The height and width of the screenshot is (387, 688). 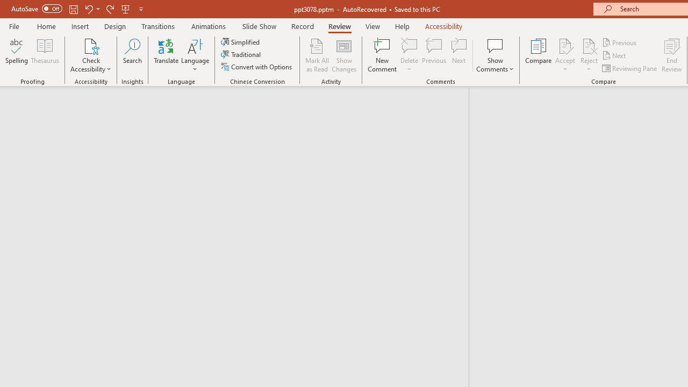 What do you see at coordinates (494, 55) in the screenshot?
I see `'Show Comments'` at bounding box center [494, 55].